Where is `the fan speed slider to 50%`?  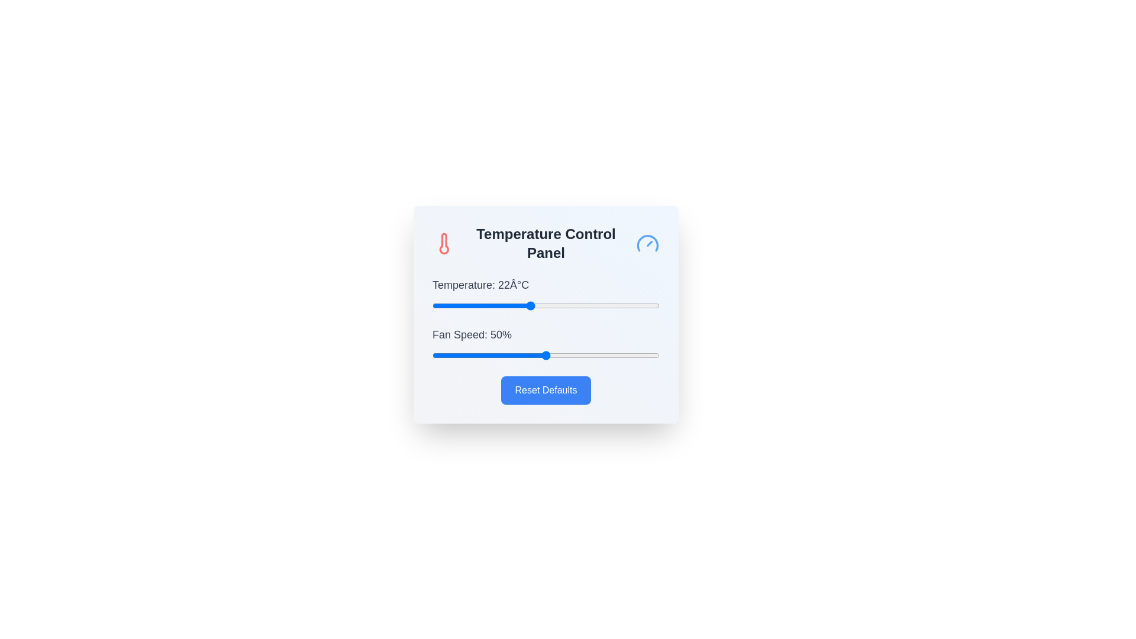
the fan speed slider to 50% is located at coordinates (545, 355).